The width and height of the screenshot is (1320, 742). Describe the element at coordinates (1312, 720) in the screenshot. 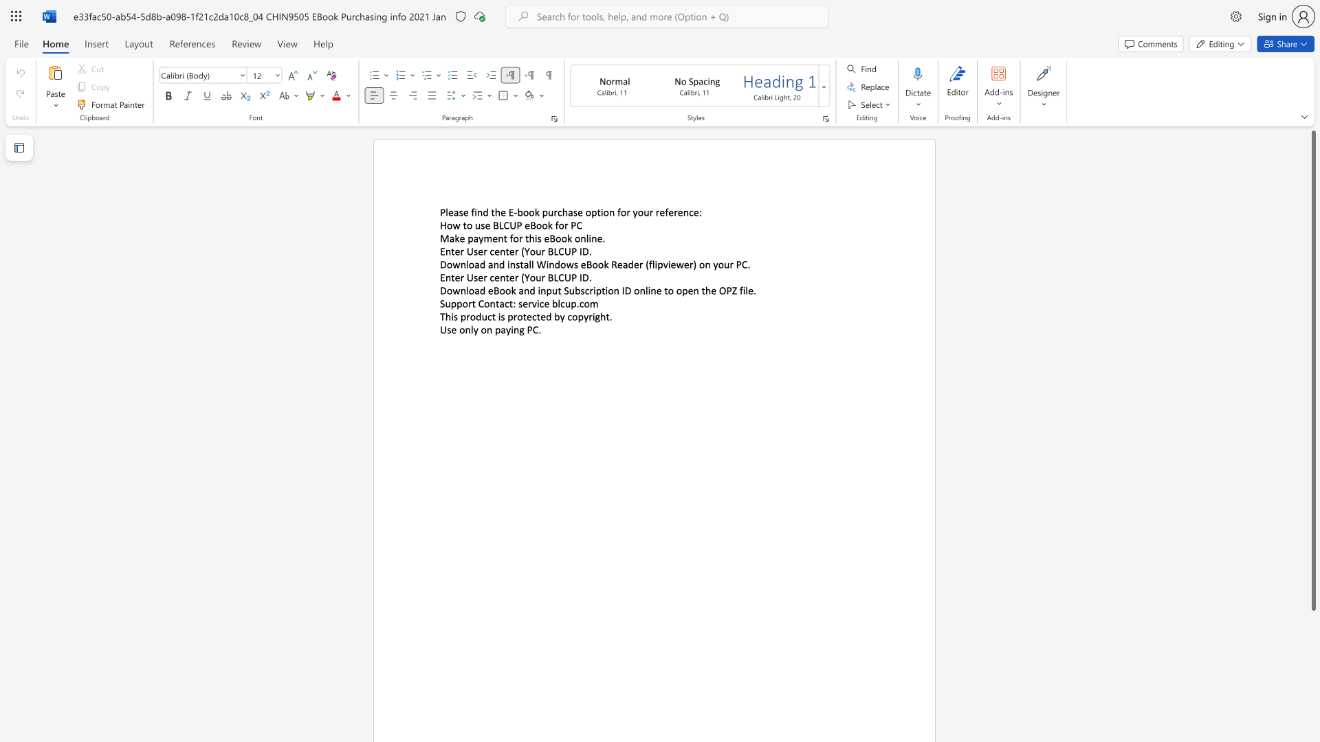

I see `the scrollbar on the right to move the page downward` at that location.